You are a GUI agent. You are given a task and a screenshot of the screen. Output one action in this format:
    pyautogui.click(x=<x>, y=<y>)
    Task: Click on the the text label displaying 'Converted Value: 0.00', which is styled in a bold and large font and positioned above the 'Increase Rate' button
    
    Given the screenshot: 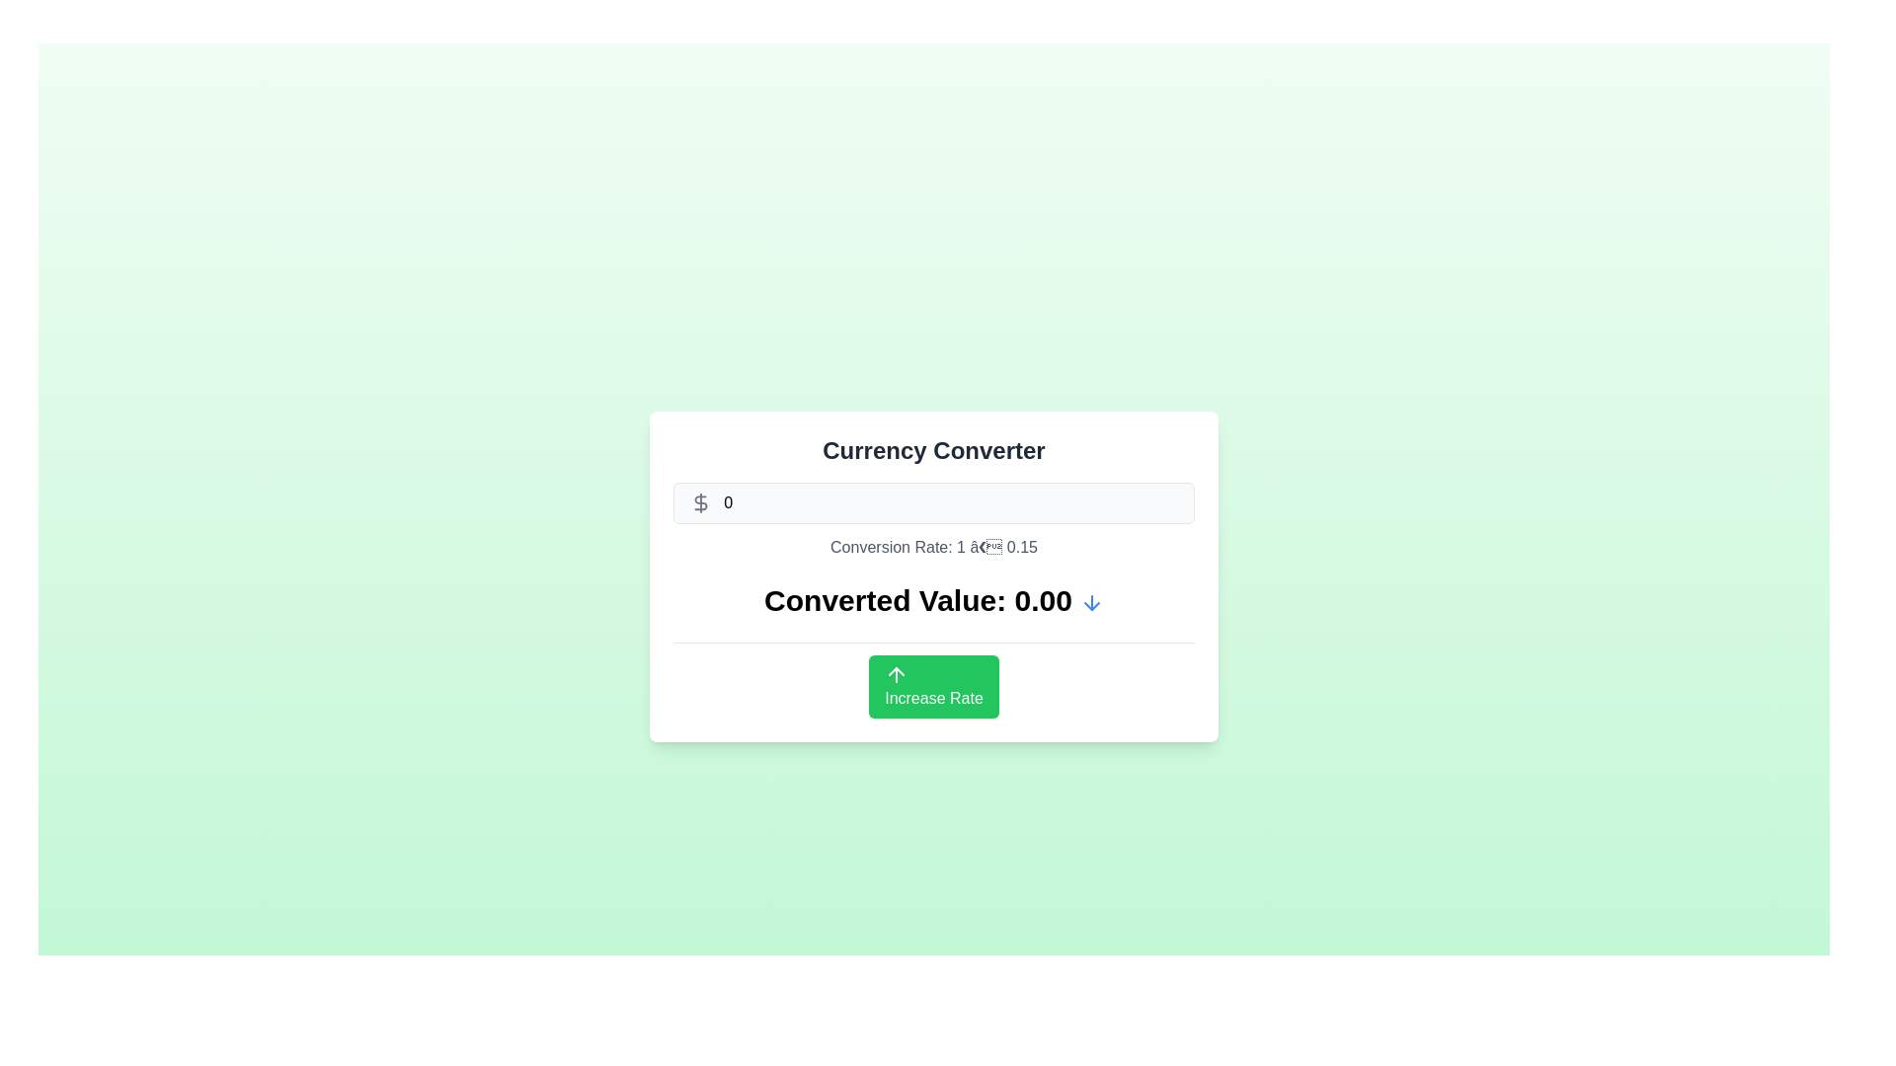 What is the action you would take?
    pyautogui.click(x=932, y=599)
    